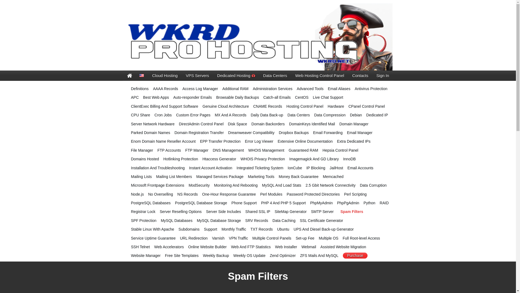  What do you see at coordinates (284, 221) in the screenshot?
I see `'Data Caching'` at bounding box center [284, 221].